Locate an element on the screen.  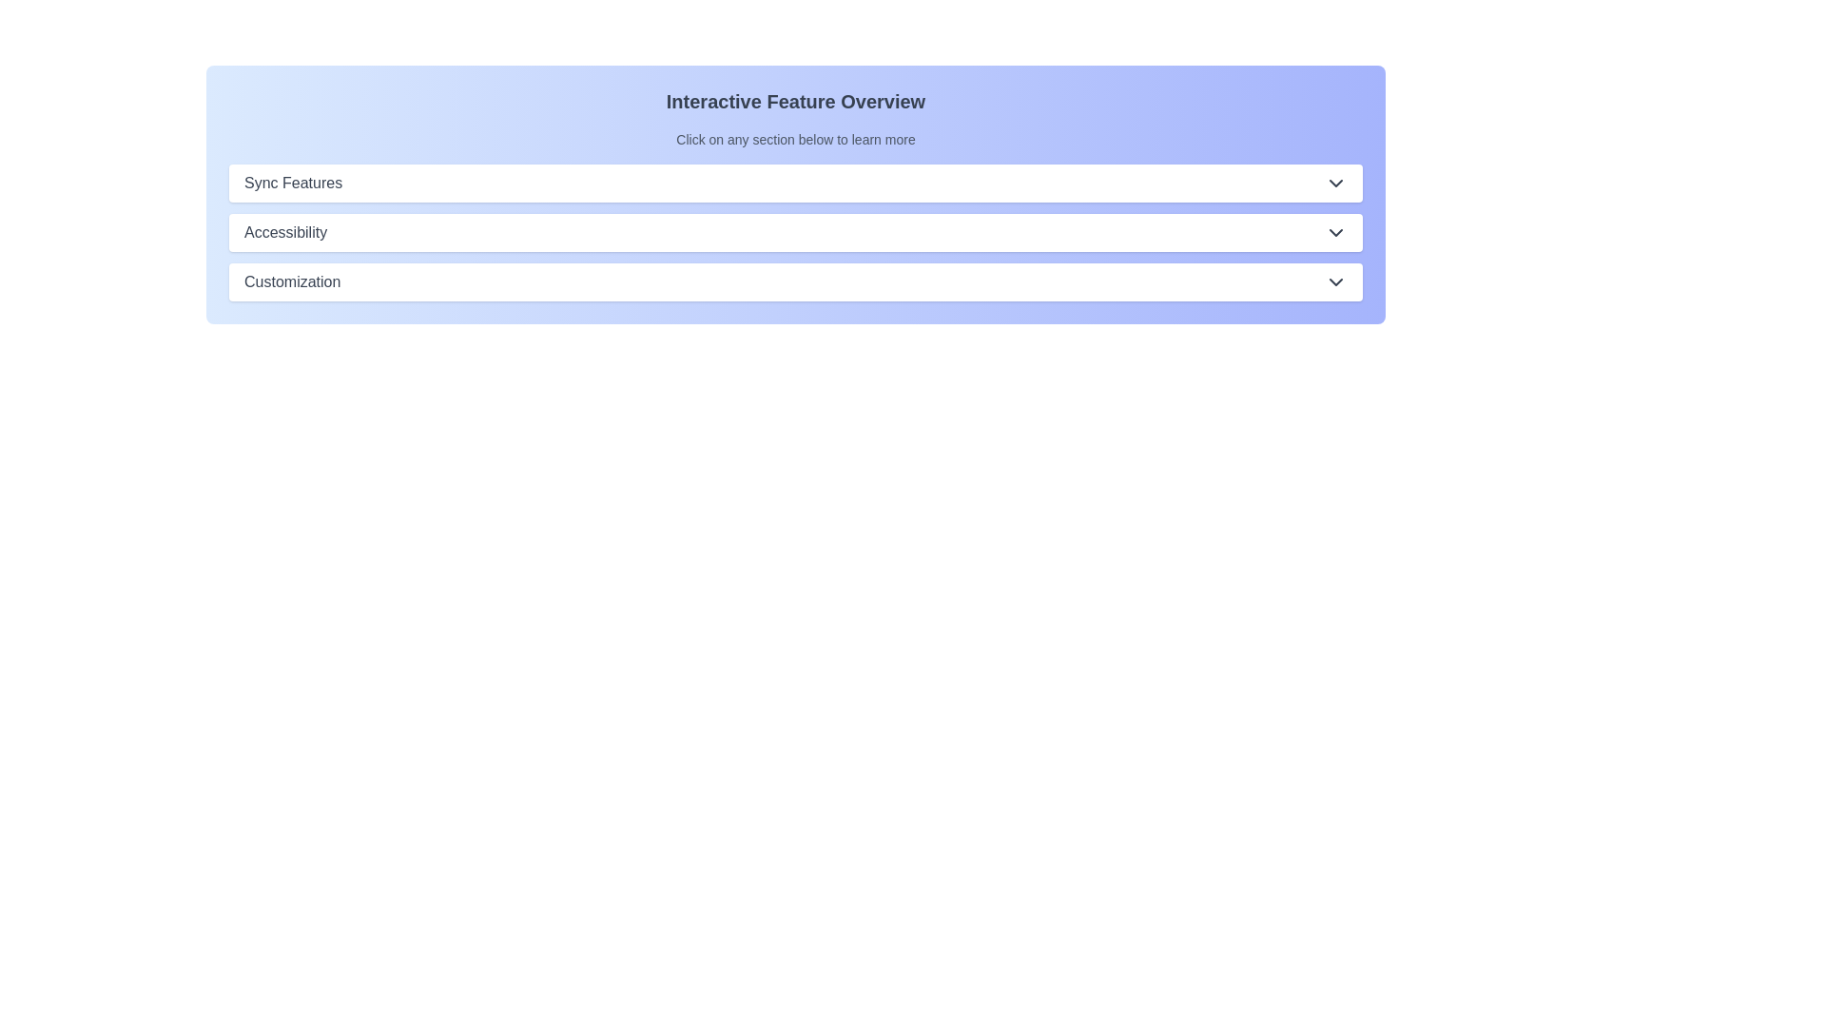
the chevron-down icon located on the rightmost side of the 'Customization' row, indicating dropdown functionality is located at coordinates (1335, 282).